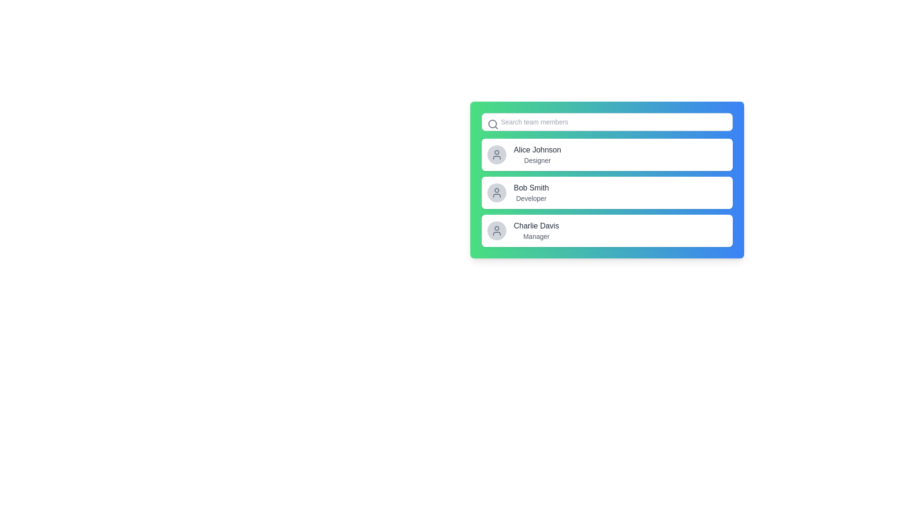  What do you see at coordinates (496, 192) in the screenshot?
I see `the user avatar representing 'Bob Smith'` at bounding box center [496, 192].